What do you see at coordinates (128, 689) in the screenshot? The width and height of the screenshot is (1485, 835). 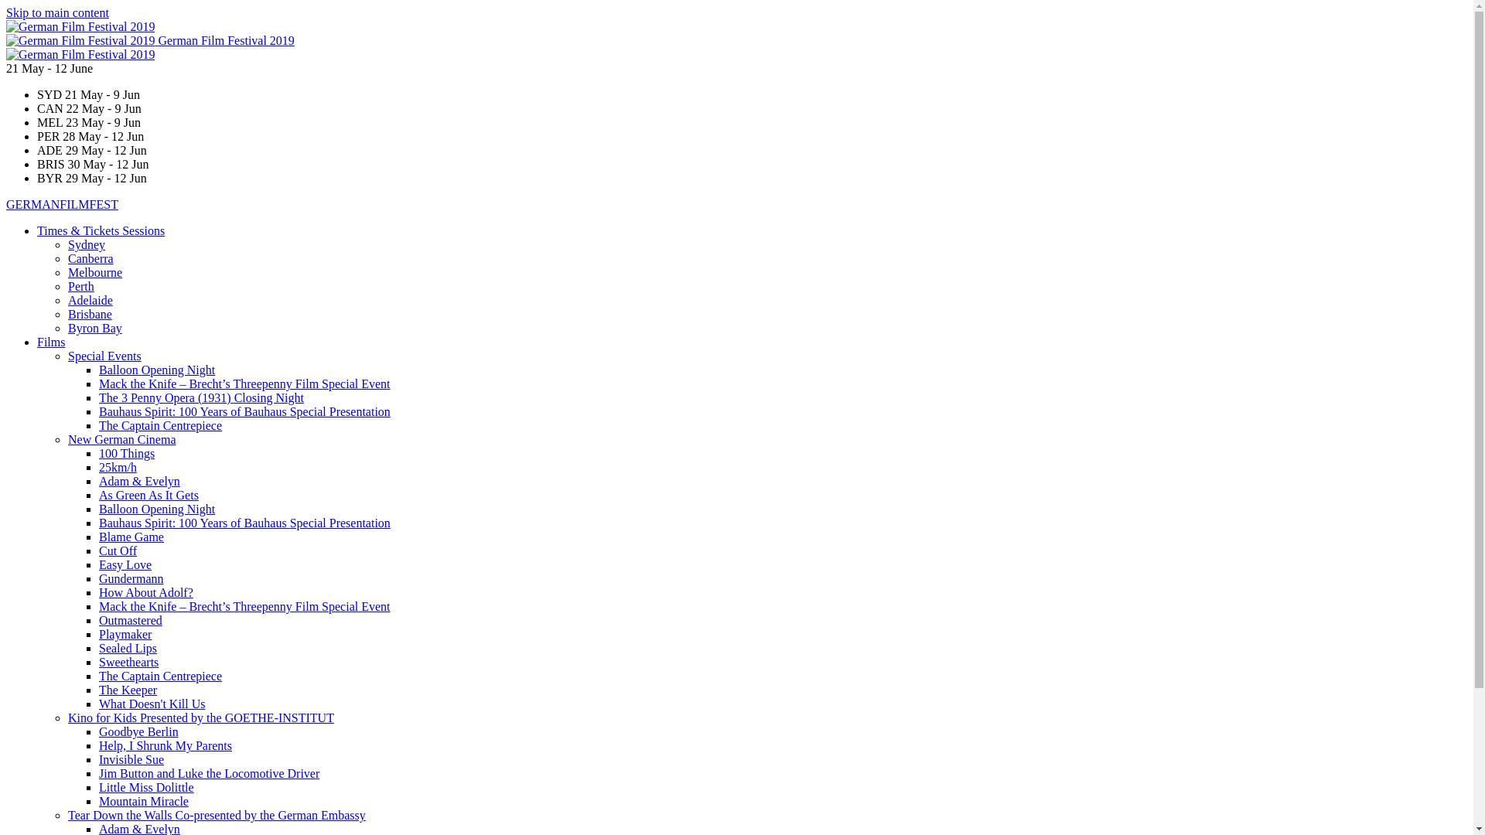 I see `'The Keeper'` at bounding box center [128, 689].